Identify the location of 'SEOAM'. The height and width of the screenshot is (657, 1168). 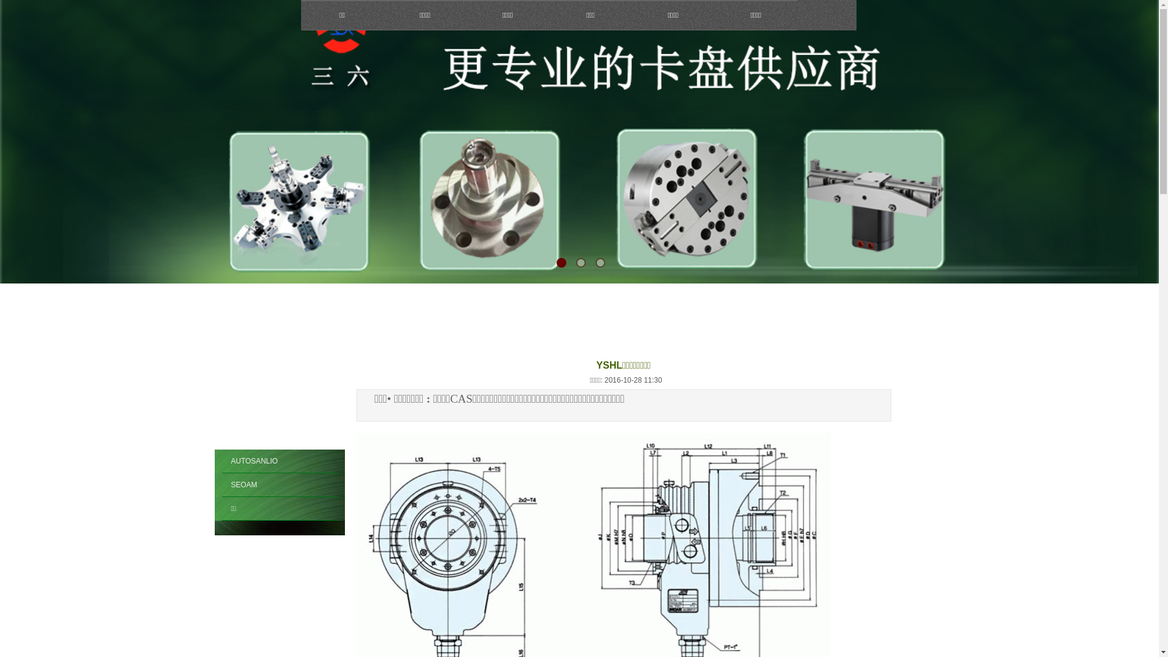
(279, 484).